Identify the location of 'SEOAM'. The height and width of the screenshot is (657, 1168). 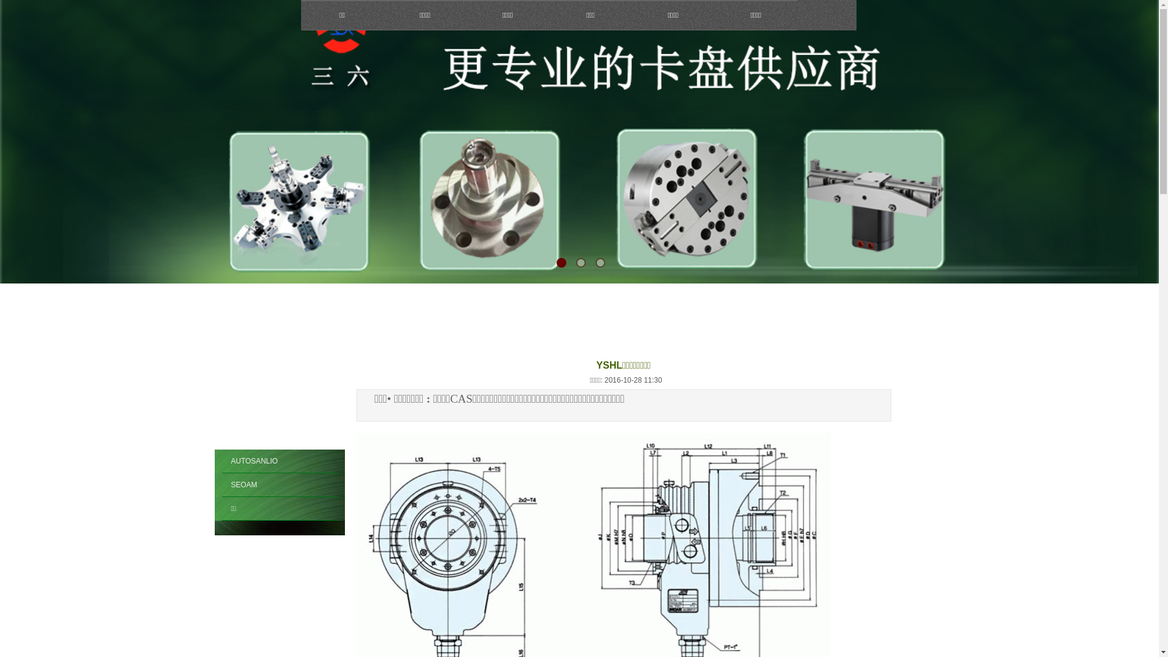
(279, 484).